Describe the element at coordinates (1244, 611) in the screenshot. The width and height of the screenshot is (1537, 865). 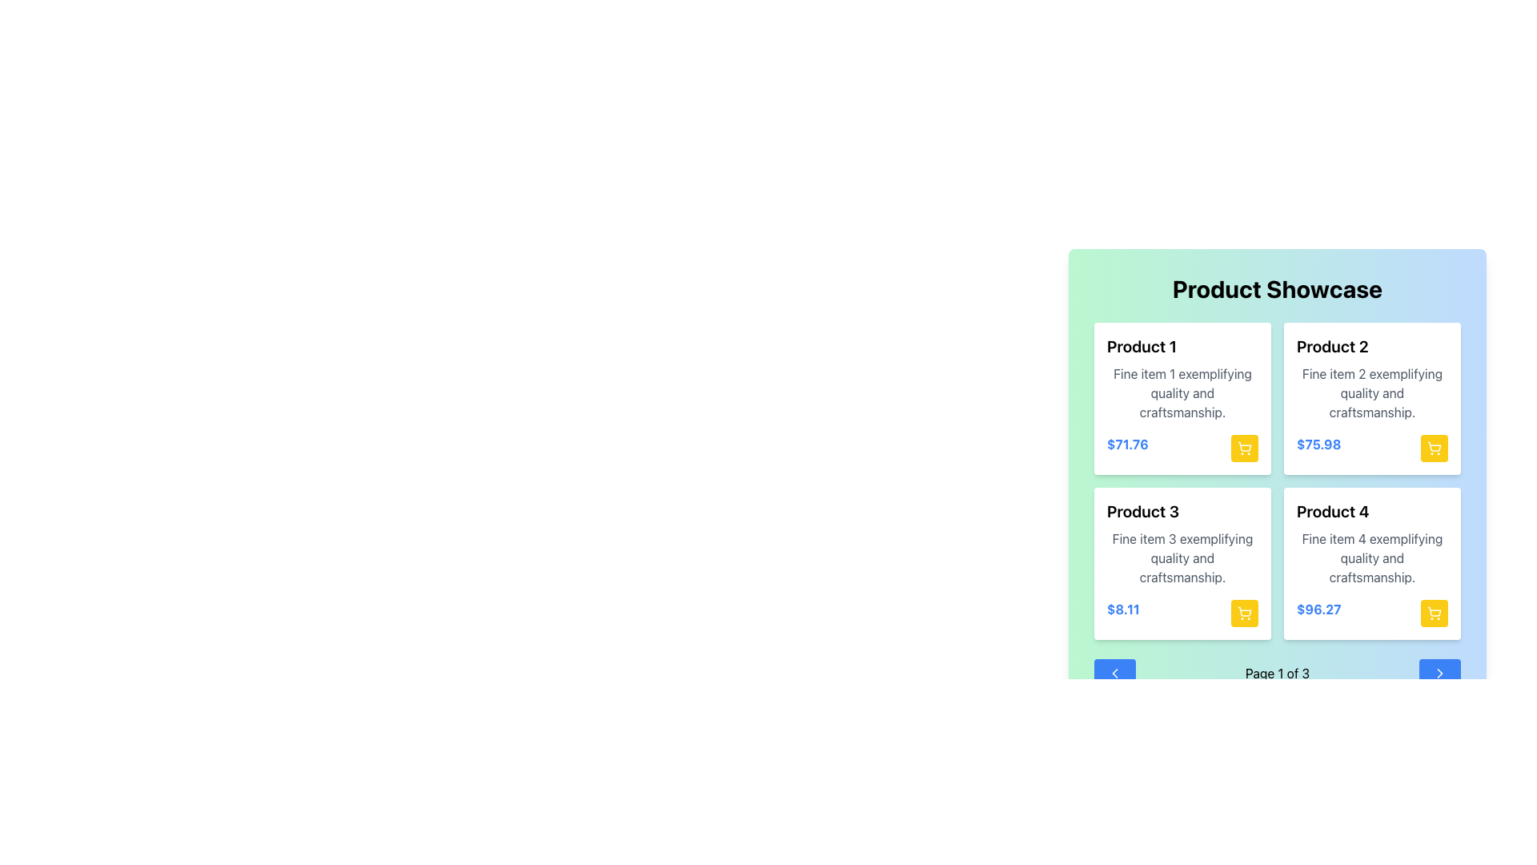
I see `the shopping cart icon element located at the bottom-right corner of the card for 'Product 3'` at that location.